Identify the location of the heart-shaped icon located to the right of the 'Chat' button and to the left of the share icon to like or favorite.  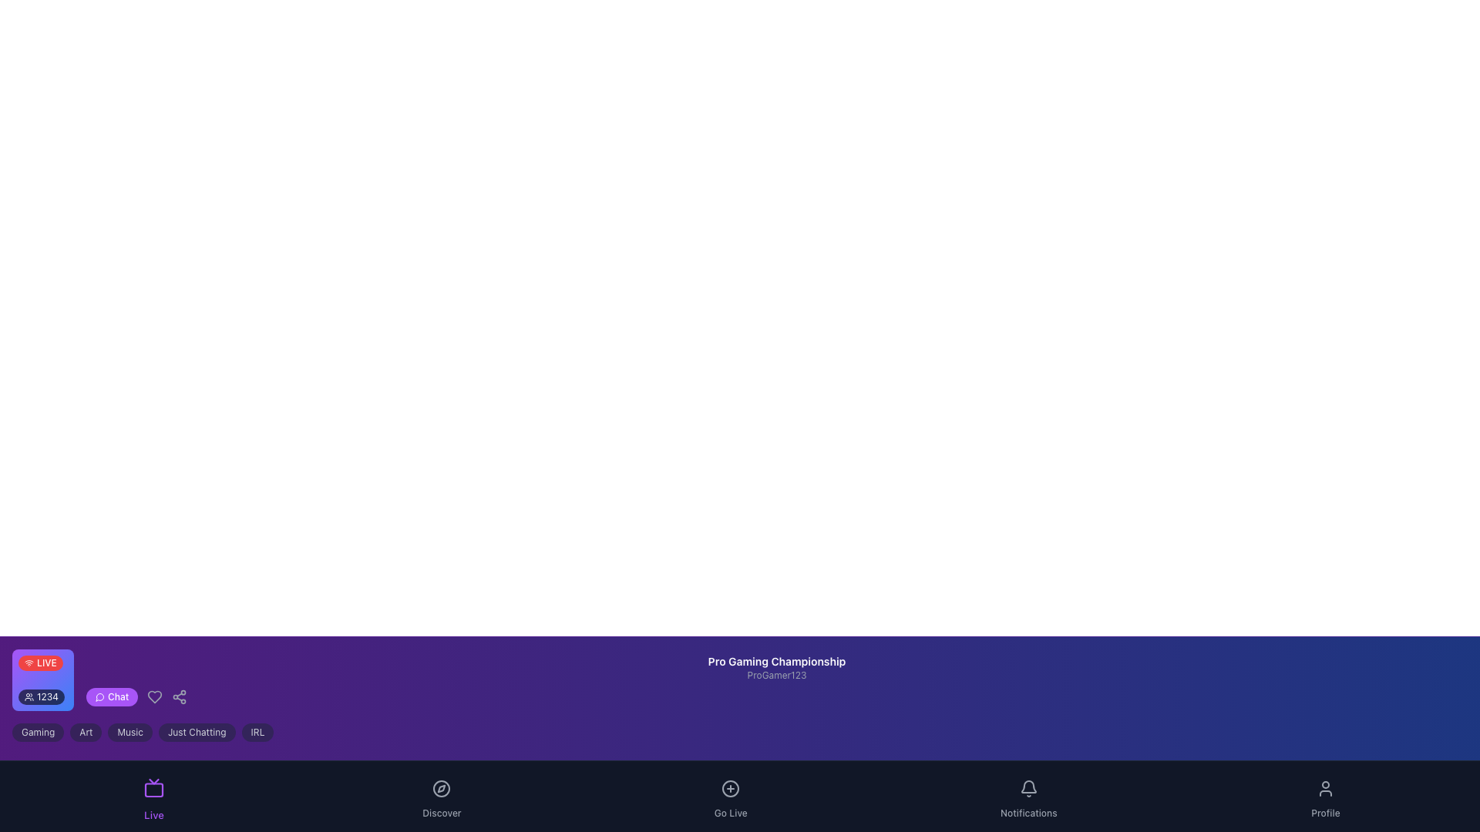
(155, 697).